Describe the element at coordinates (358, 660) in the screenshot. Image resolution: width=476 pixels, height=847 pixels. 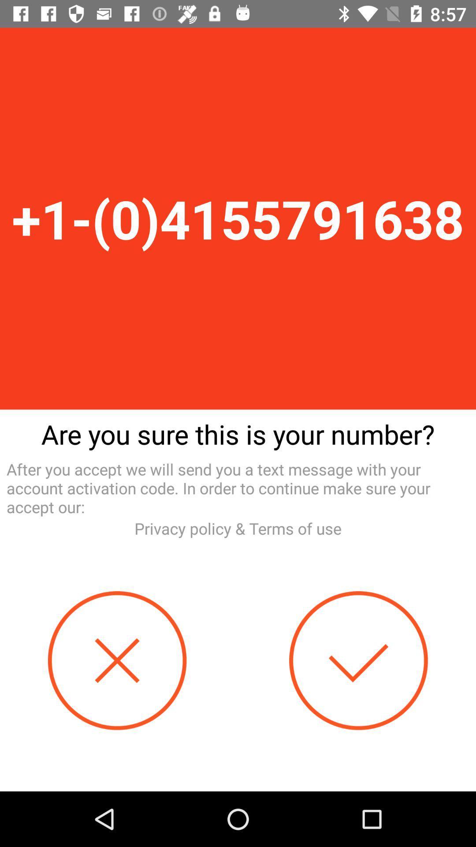
I see `the icon at the bottom right corner` at that location.